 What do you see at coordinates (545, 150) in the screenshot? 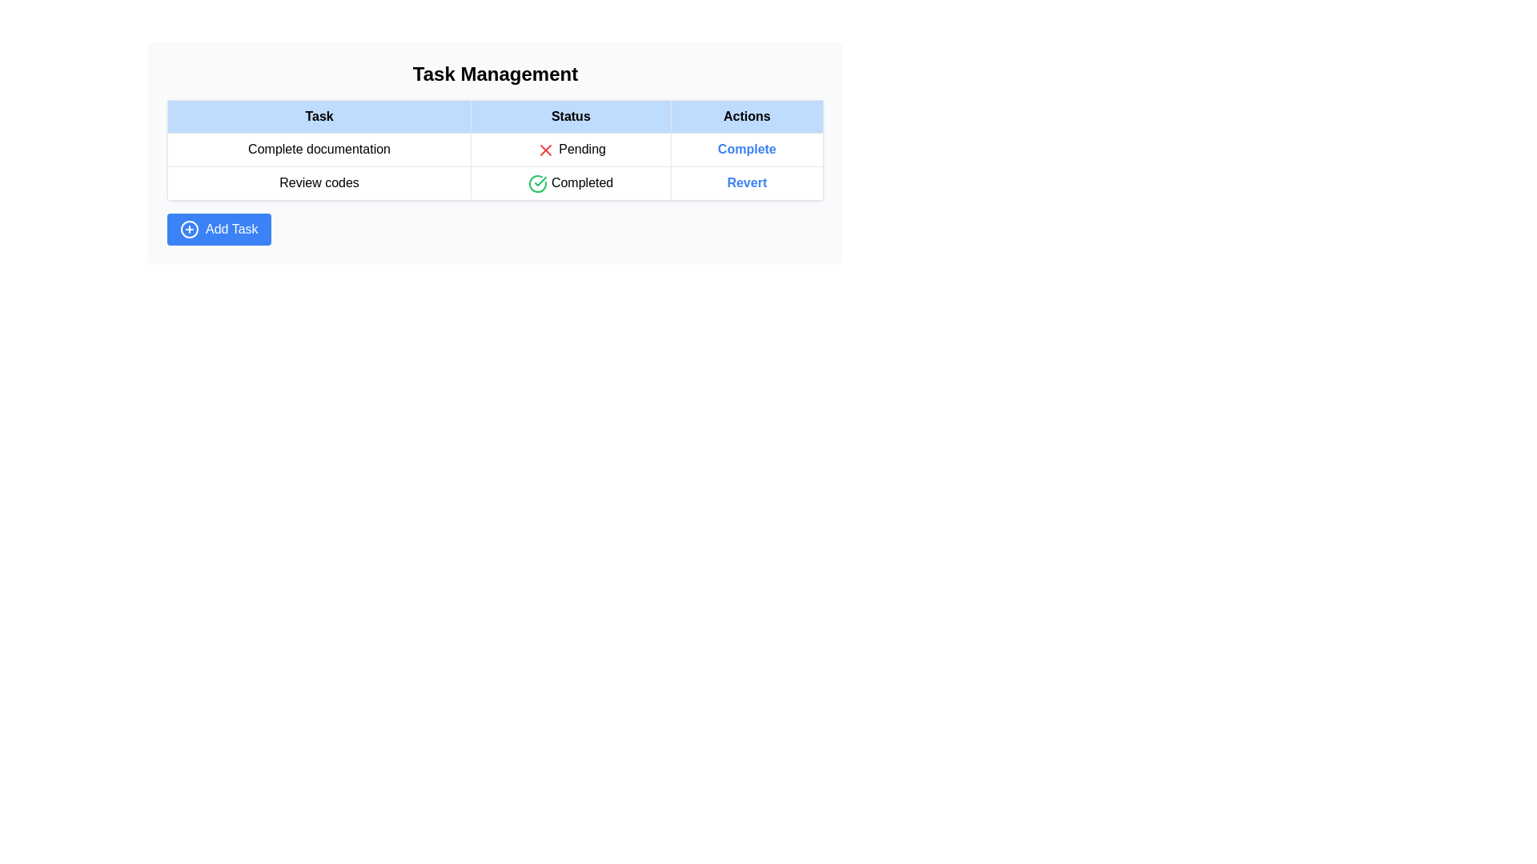
I see `the small red 'X' icon in the 'Status' column of the first row in the task management interface, indicating a pending state for 'Complete documentation'` at bounding box center [545, 150].